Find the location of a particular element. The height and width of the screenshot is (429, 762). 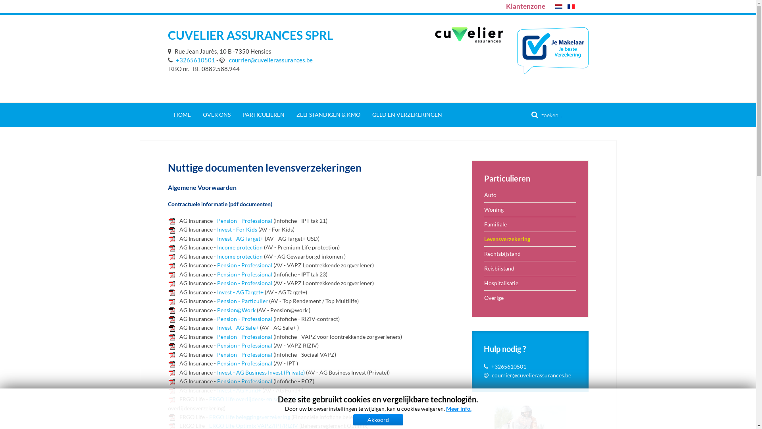

'PARTICULIEREN' is located at coordinates (263, 115).